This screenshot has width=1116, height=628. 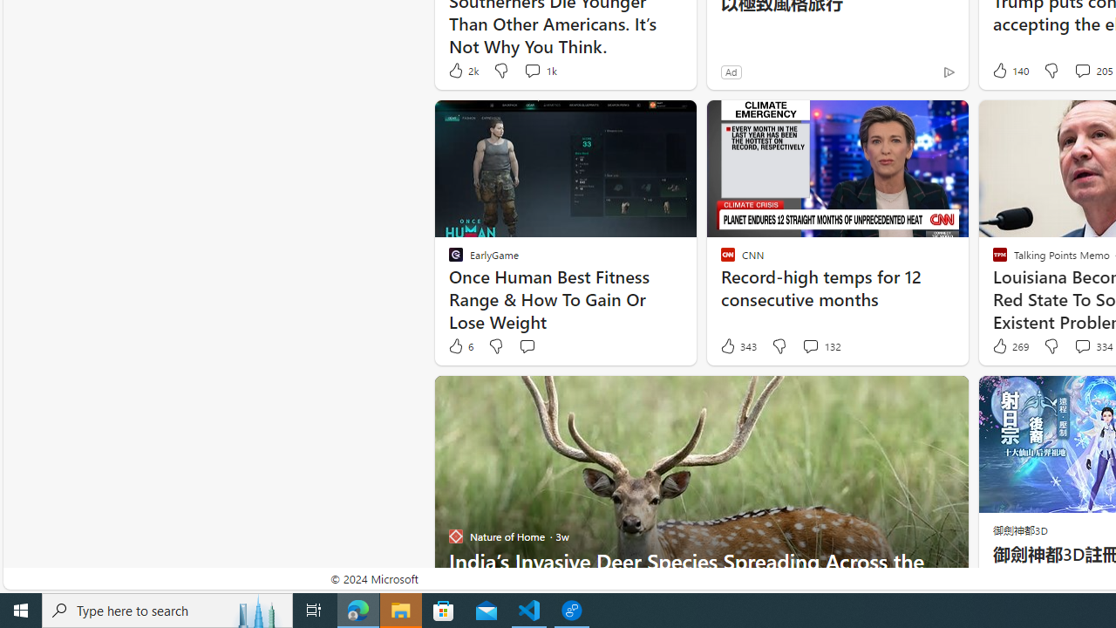 What do you see at coordinates (820, 346) in the screenshot?
I see `'View comments 132 Comment'` at bounding box center [820, 346].